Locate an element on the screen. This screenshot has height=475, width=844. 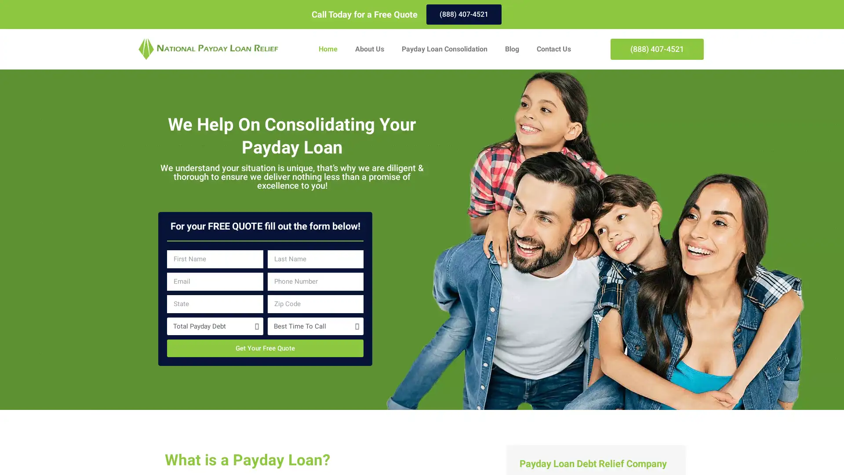
(888) 407-4521 is located at coordinates (463, 15).